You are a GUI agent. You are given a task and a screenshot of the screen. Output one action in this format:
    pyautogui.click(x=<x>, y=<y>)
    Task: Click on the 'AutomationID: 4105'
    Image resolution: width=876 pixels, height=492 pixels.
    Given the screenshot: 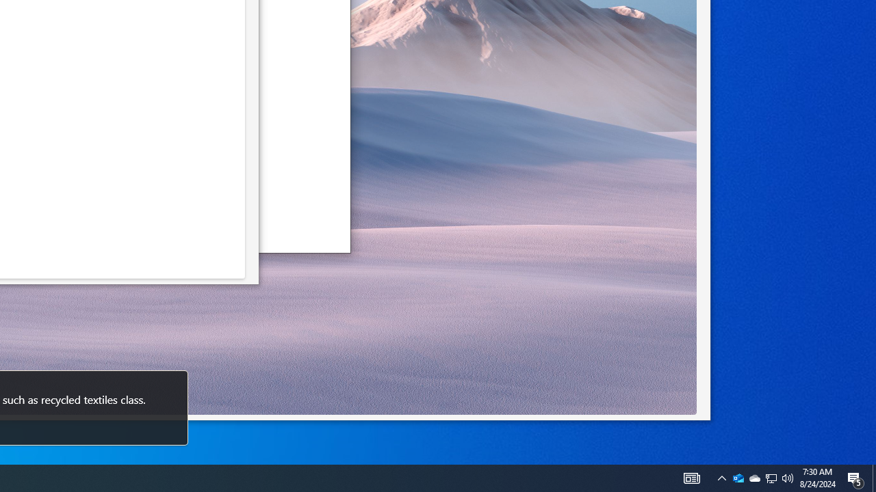 What is the action you would take?
    pyautogui.click(x=692, y=477)
    